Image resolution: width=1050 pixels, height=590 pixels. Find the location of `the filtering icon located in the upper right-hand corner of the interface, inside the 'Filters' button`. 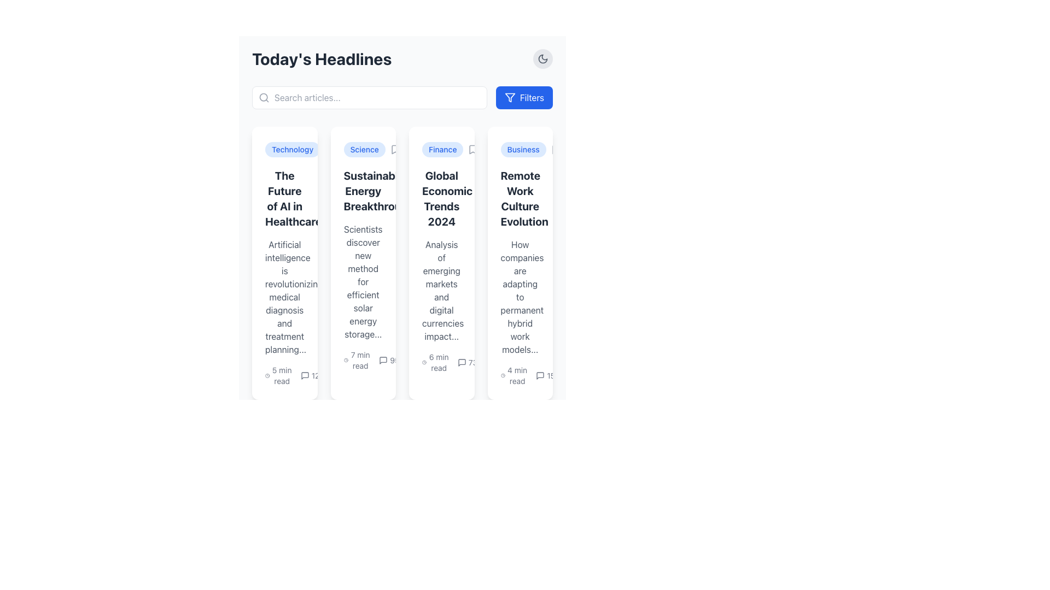

the filtering icon located in the upper right-hand corner of the interface, inside the 'Filters' button is located at coordinates (509, 97).